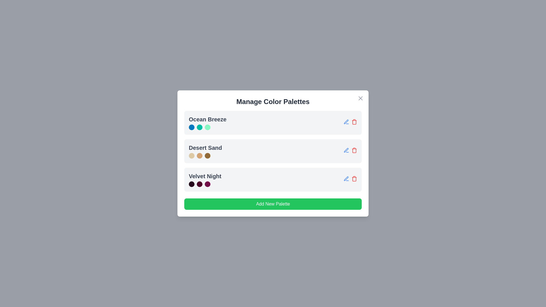 Image resolution: width=546 pixels, height=307 pixels. I want to click on the palette name Desert Sand to view its details, so click(205, 151).